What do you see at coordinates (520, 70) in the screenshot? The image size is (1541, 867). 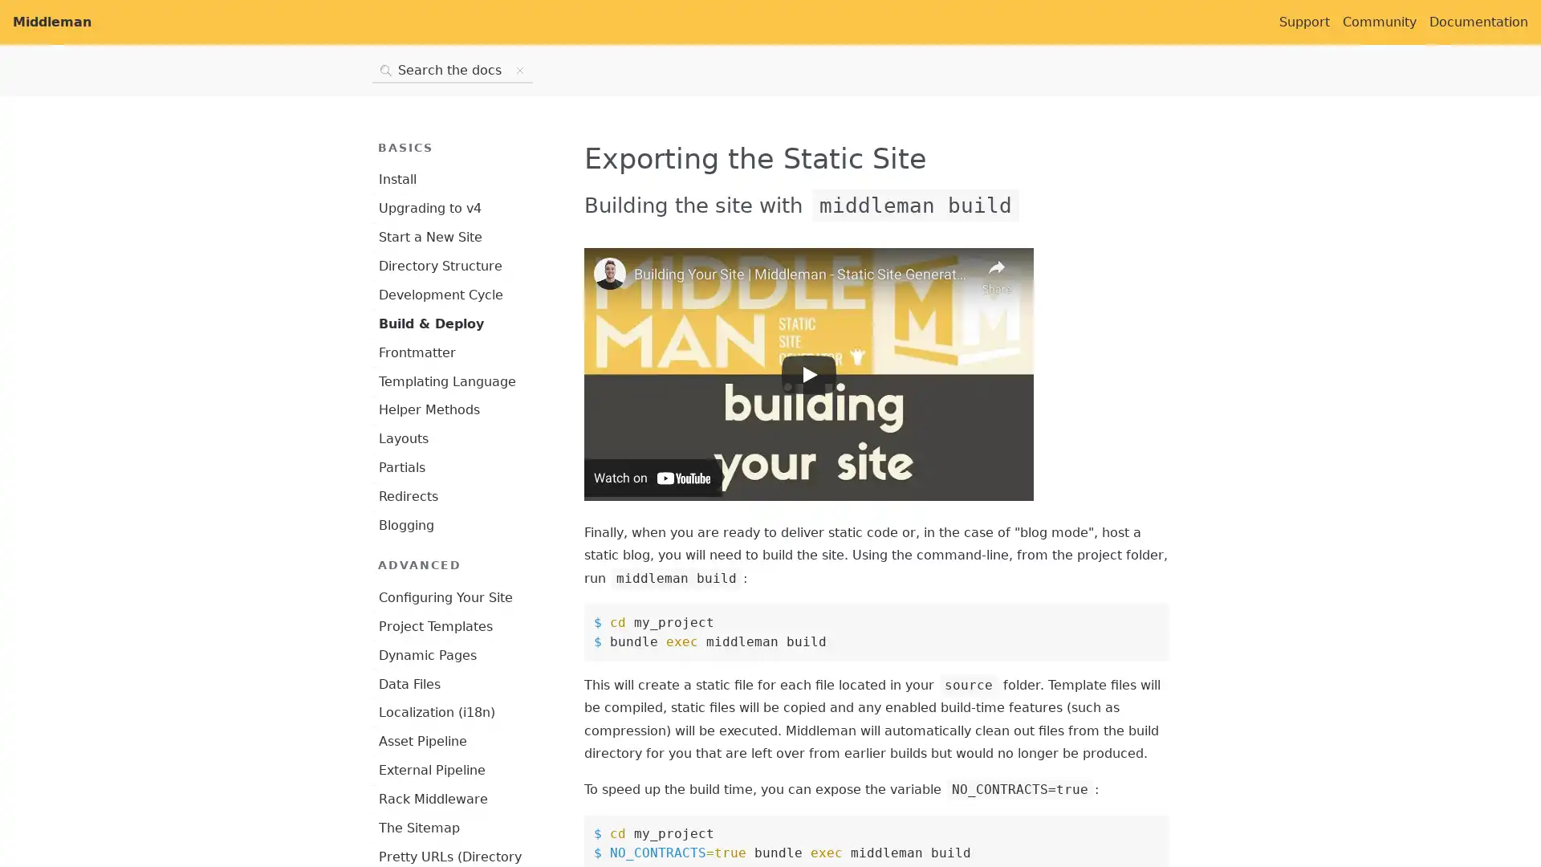 I see `Reset` at bounding box center [520, 70].